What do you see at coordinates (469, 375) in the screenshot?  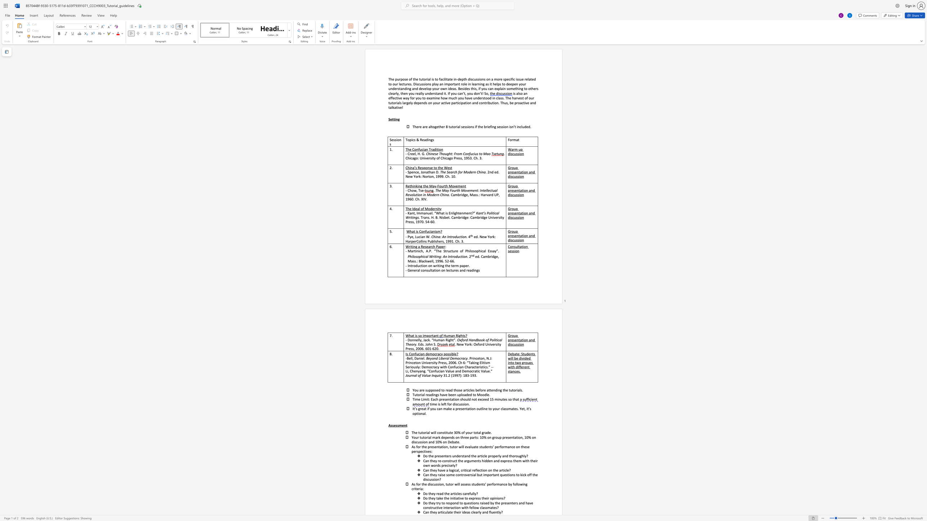 I see `the subset text "-1" within the text "31.2 (1997): 183-193."` at bounding box center [469, 375].